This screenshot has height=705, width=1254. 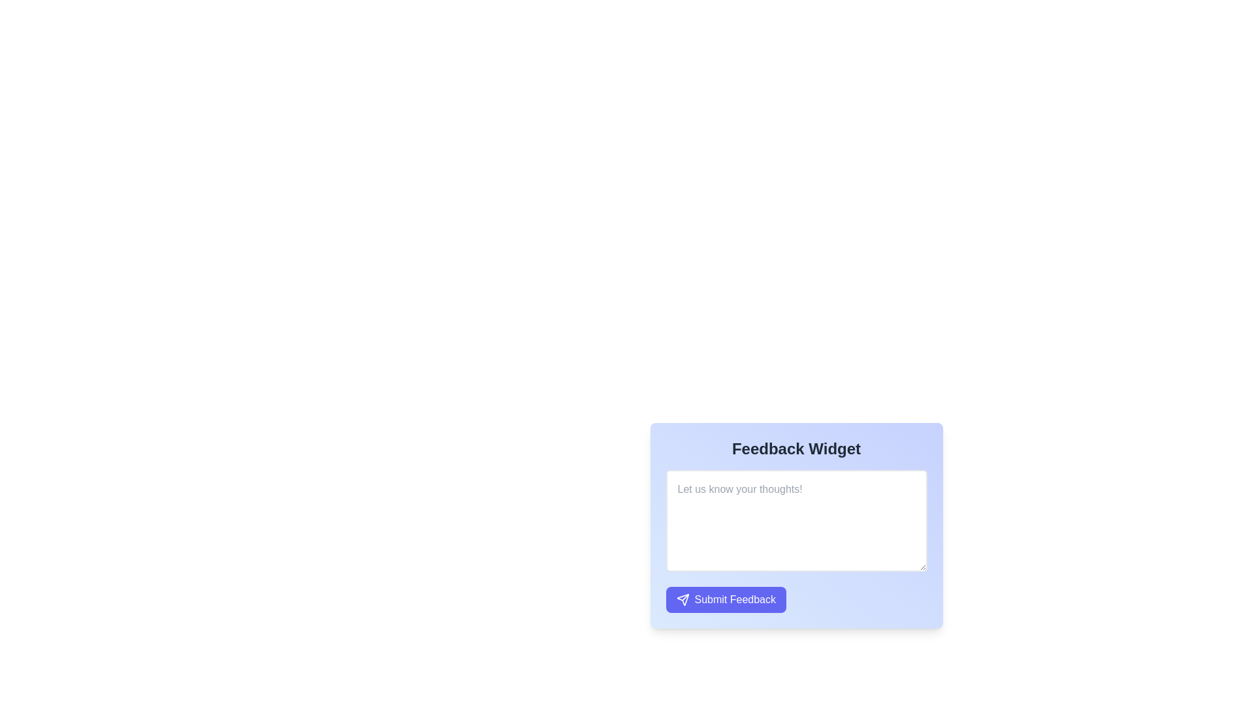 I want to click on the feedback submission icon located inside the 'Submit Feedback' button at the bottom center of the feedback widget, so click(x=682, y=599).